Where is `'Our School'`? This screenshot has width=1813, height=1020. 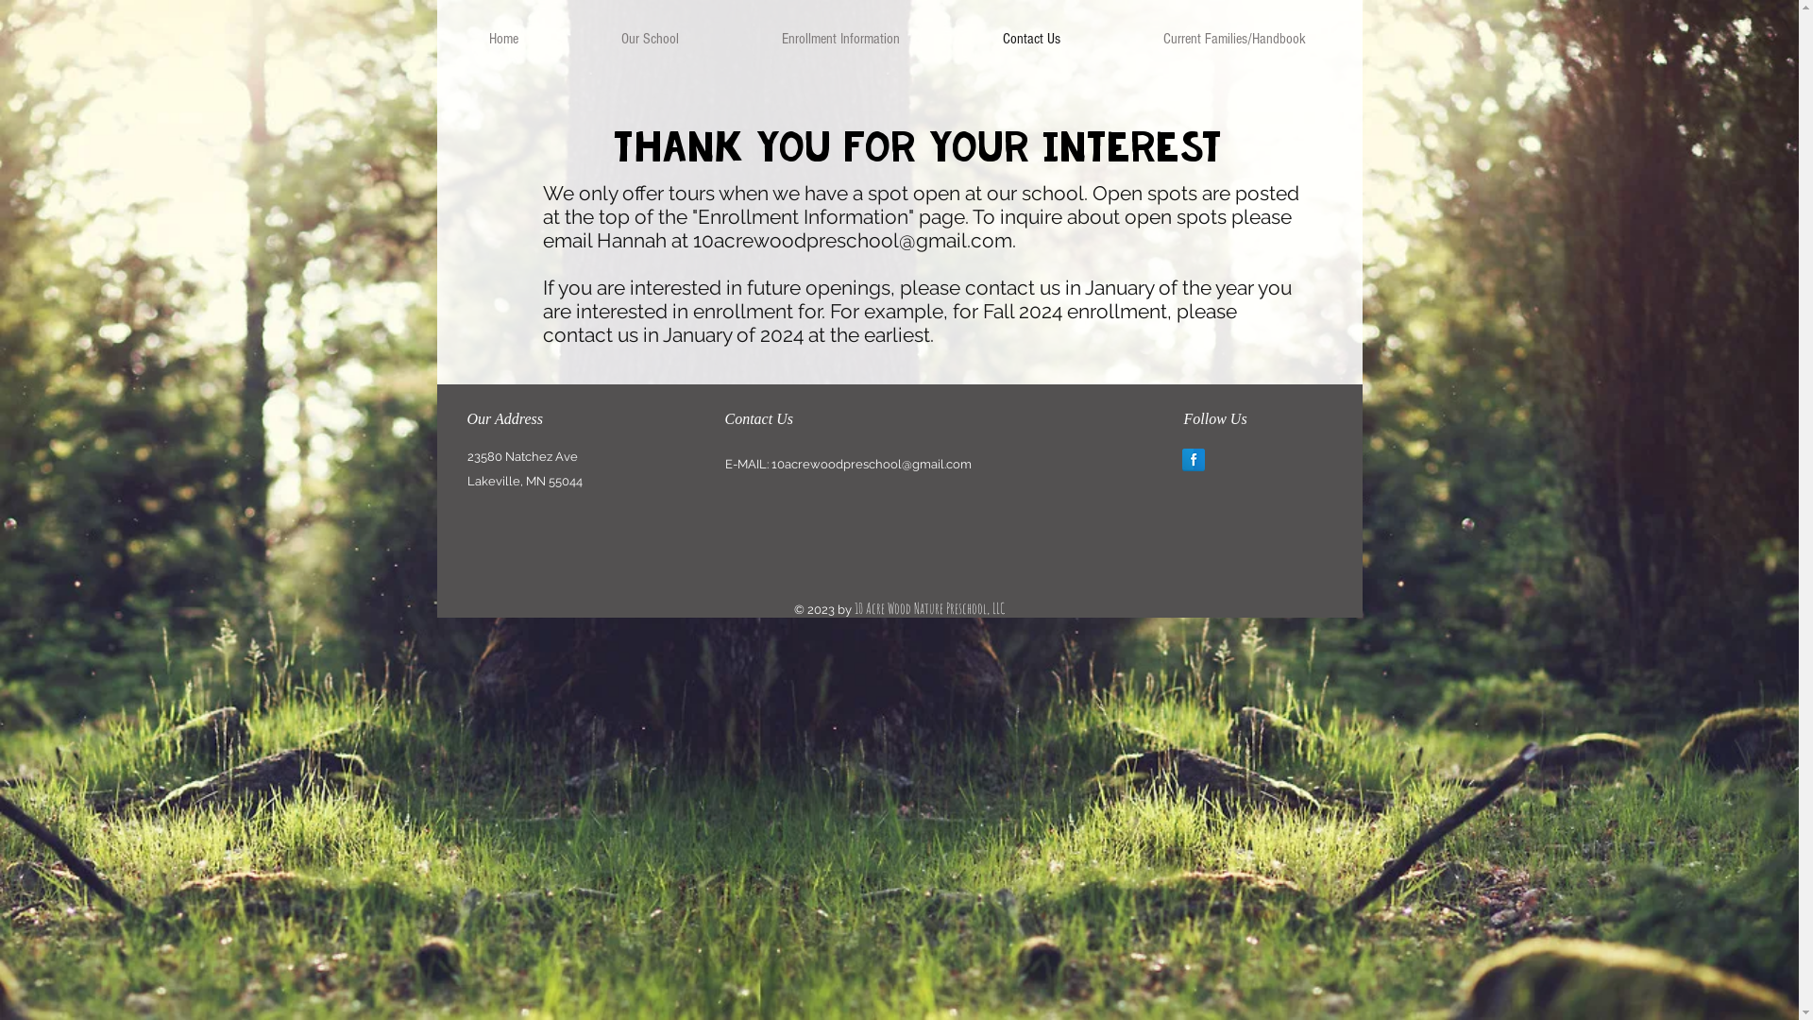
'Our School' is located at coordinates (648, 39).